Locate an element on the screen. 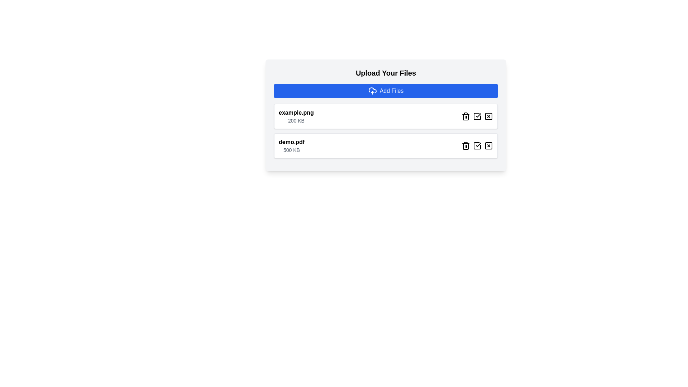 This screenshot has height=387, width=688. the check icon located near the right side of the row representing the file named 'demo.pdf' in the upload interface is located at coordinates (478, 145).